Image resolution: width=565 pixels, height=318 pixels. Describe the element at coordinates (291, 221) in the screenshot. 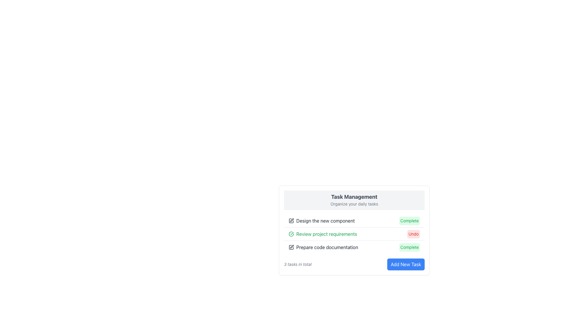

I see `the square-shaped edit icon with a pen tool inside` at that location.